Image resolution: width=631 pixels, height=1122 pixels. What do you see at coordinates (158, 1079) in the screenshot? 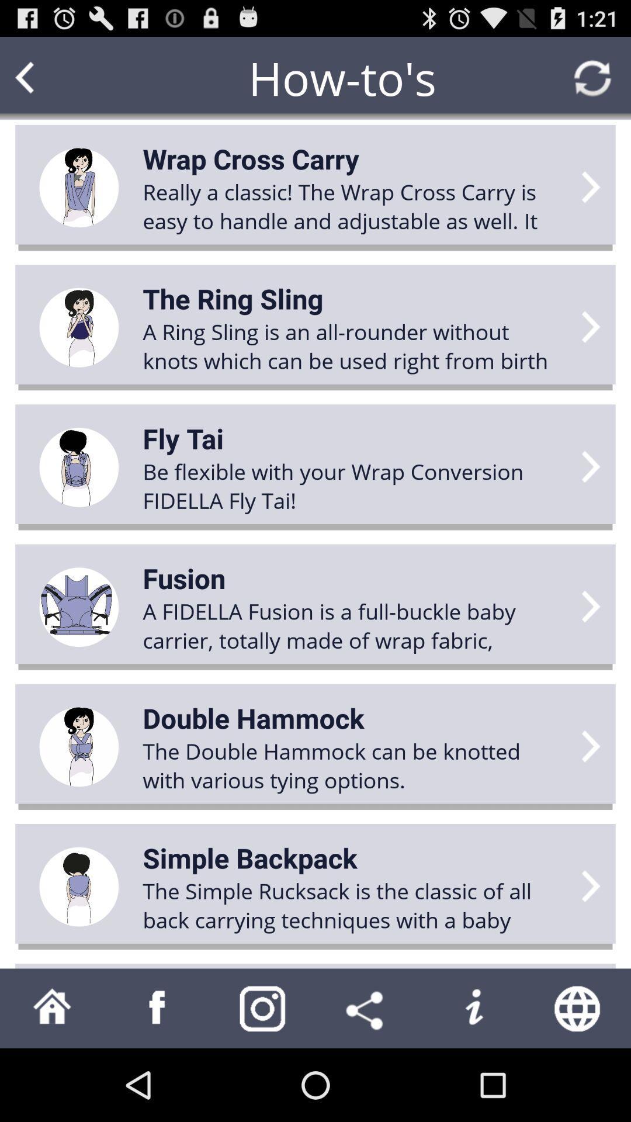
I see `the facebook icon` at bounding box center [158, 1079].